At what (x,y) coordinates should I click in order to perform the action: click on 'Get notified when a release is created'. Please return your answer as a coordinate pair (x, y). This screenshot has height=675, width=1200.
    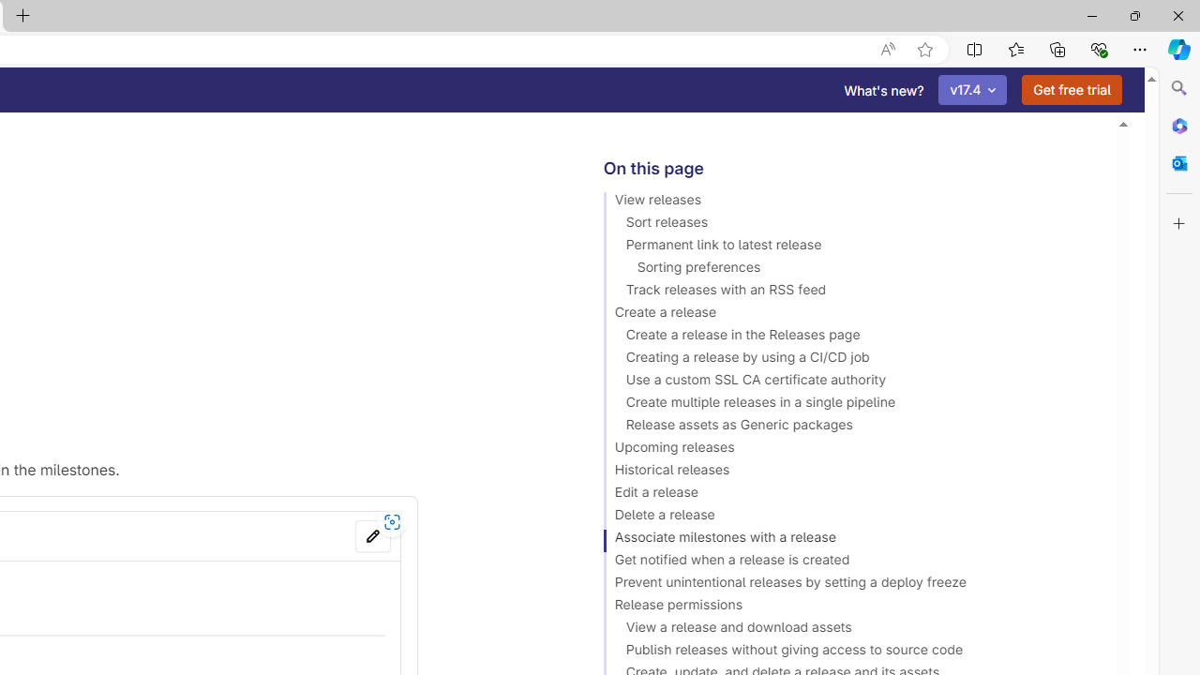
    Looking at the image, I should click on (850, 562).